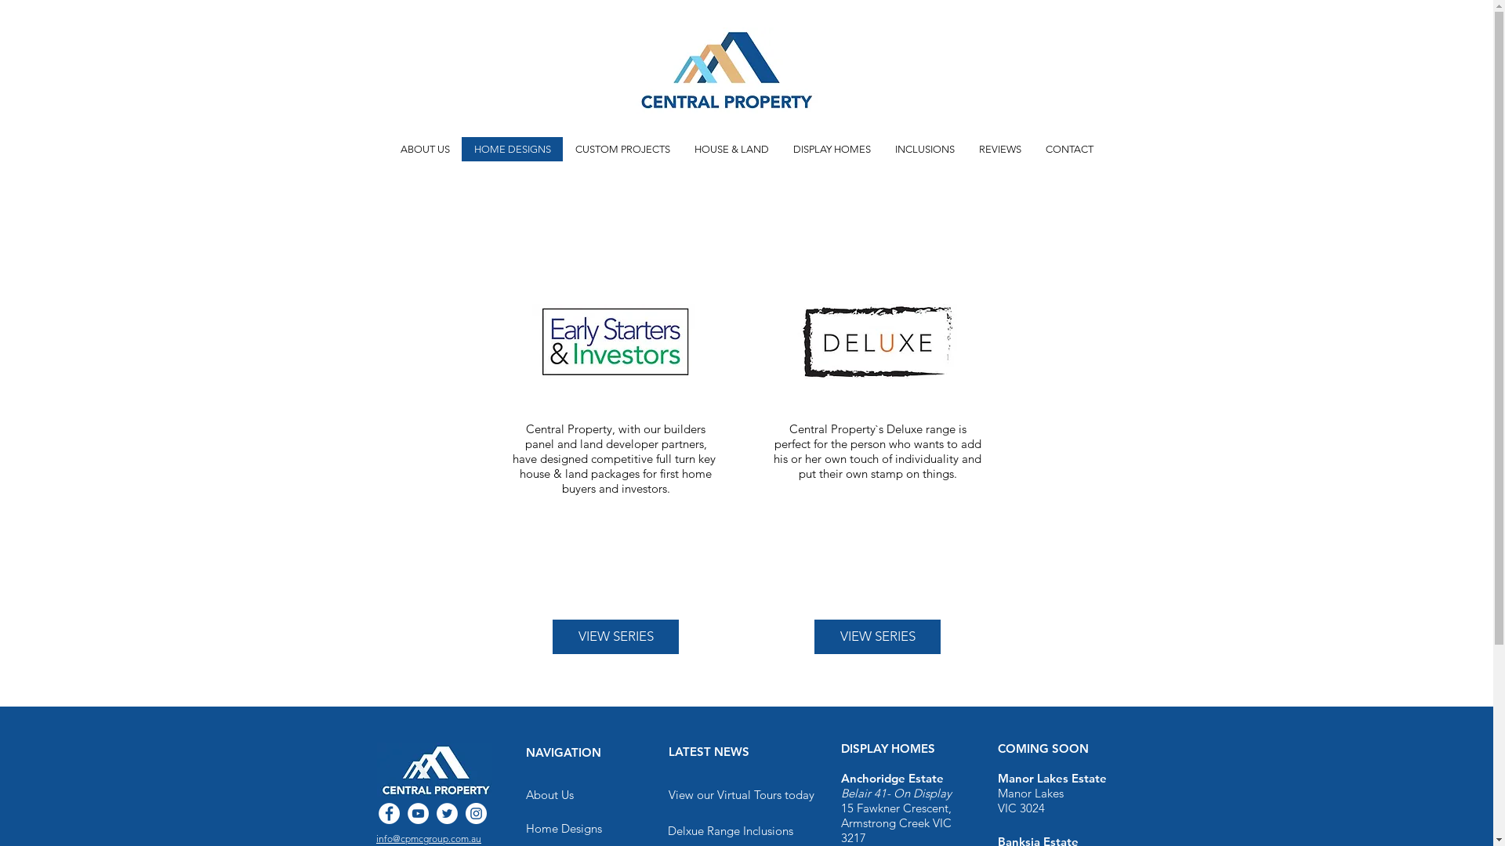 Image resolution: width=1505 pixels, height=846 pixels. Describe the element at coordinates (429, 837) in the screenshot. I see `'info@cpmcgroup.com.au'` at that location.